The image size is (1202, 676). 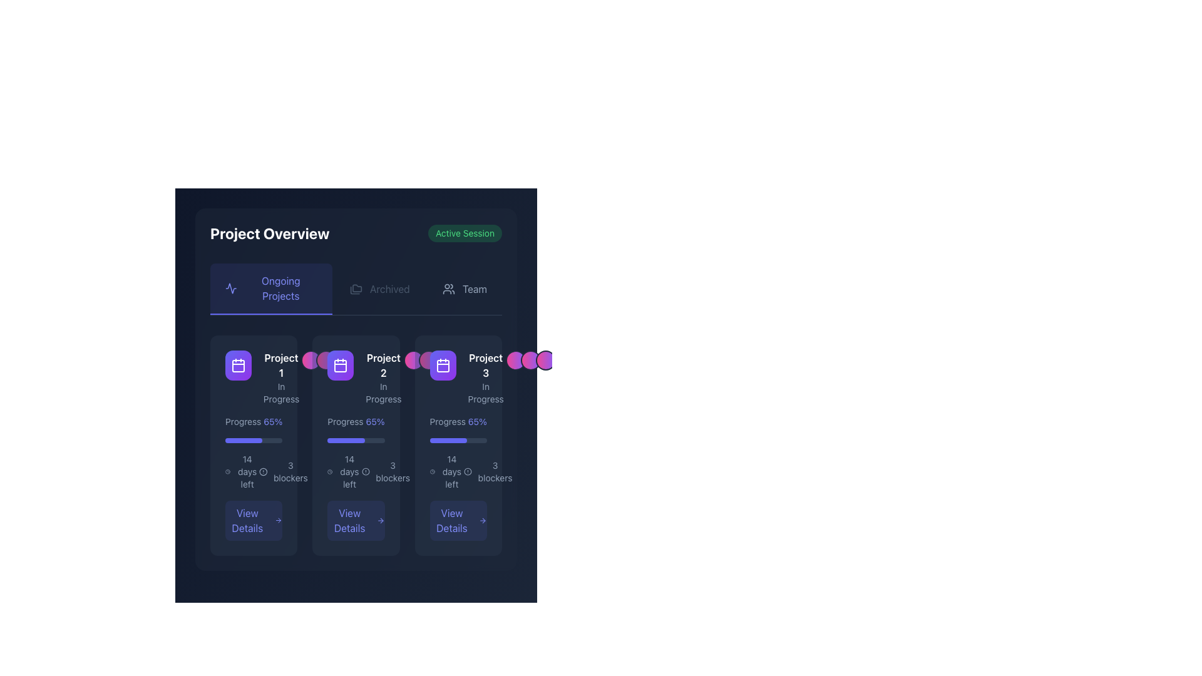 I want to click on the informational text with icons indicating project deadlines and potential issues located in the 'Project 2' section, which is the third row above the 'View Details' button, so click(x=355, y=471).